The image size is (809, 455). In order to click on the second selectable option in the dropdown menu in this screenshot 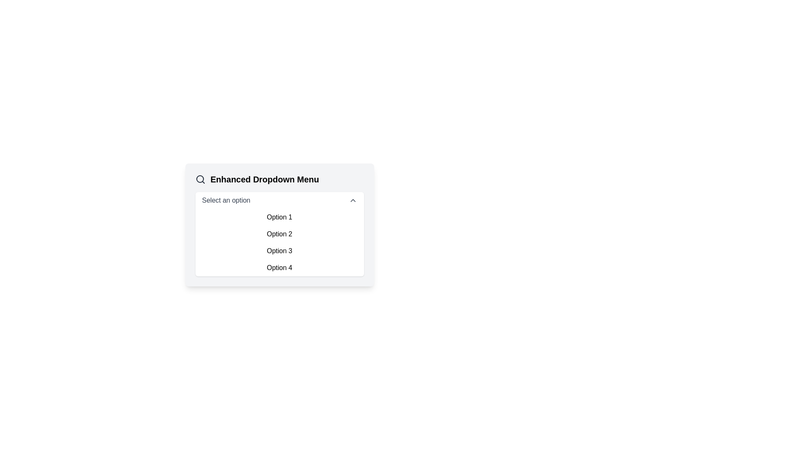, I will do `click(279, 234)`.